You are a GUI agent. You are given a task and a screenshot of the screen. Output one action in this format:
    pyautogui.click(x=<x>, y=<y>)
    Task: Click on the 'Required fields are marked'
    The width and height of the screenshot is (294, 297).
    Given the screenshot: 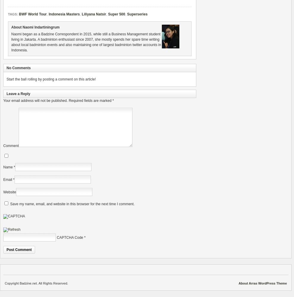 What is the action you would take?
    pyautogui.click(x=68, y=100)
    